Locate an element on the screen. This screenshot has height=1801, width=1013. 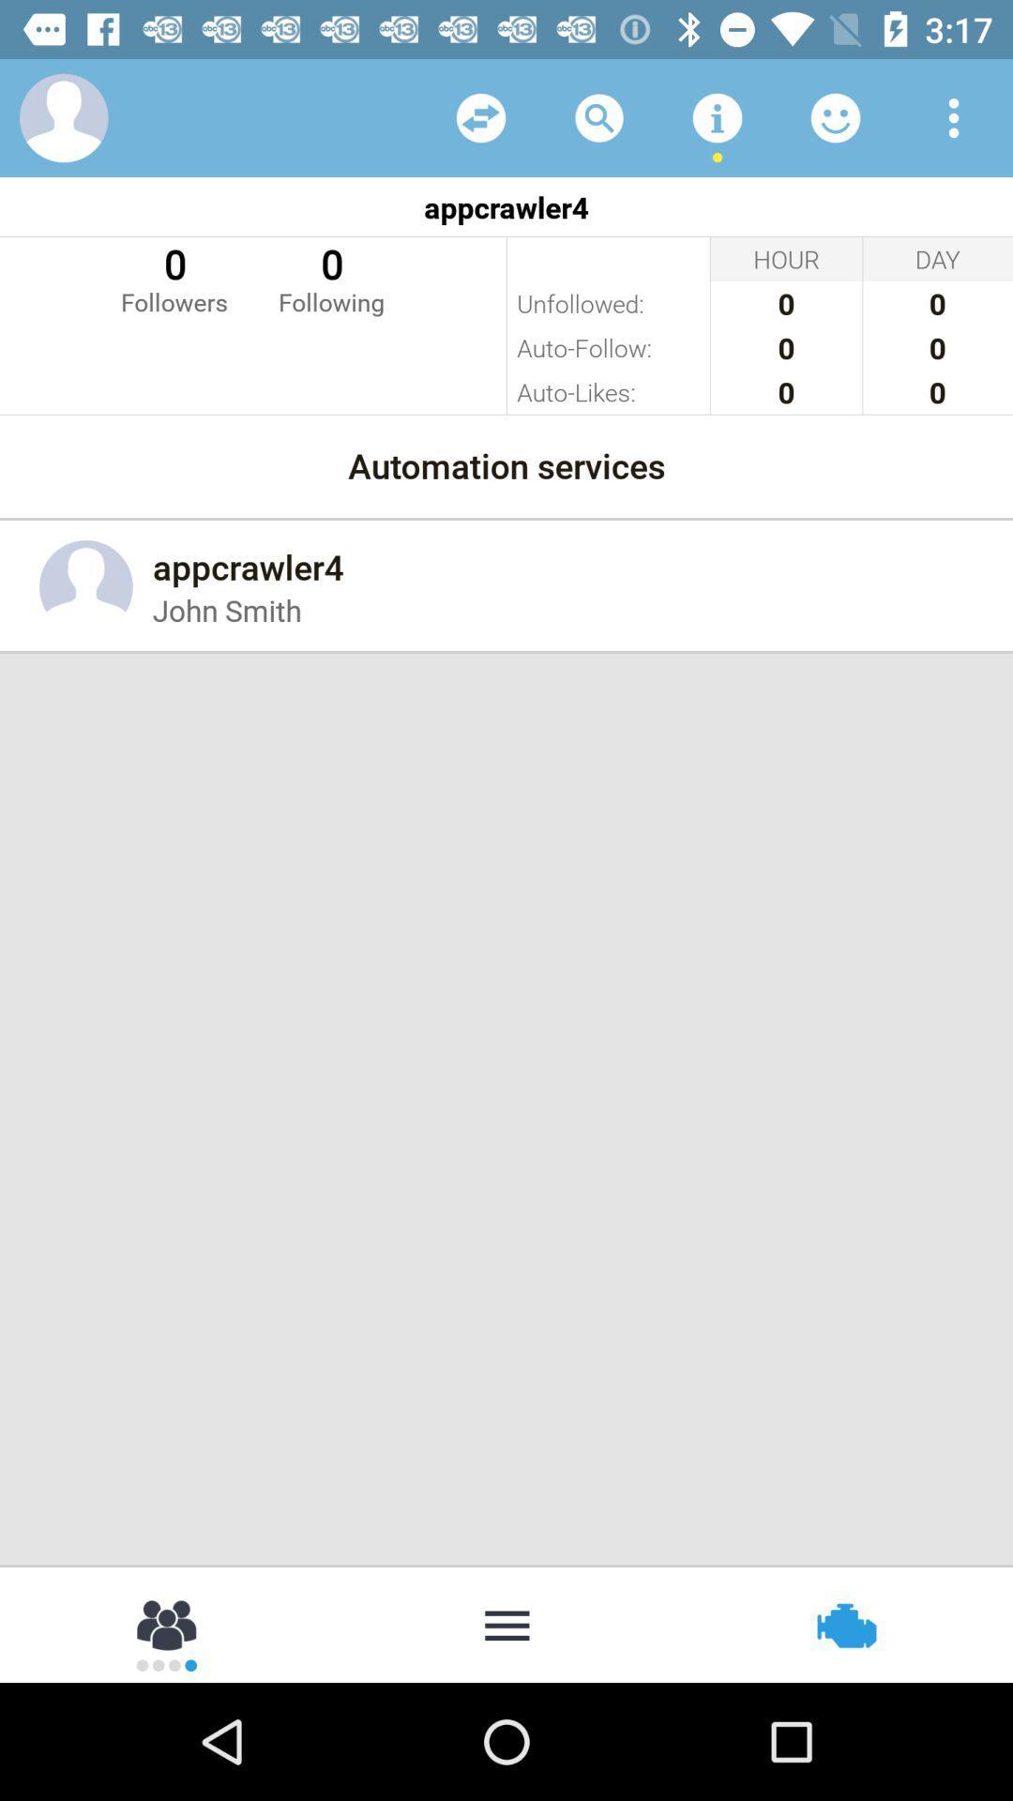
active emoji is located at coordinates (835, 116).